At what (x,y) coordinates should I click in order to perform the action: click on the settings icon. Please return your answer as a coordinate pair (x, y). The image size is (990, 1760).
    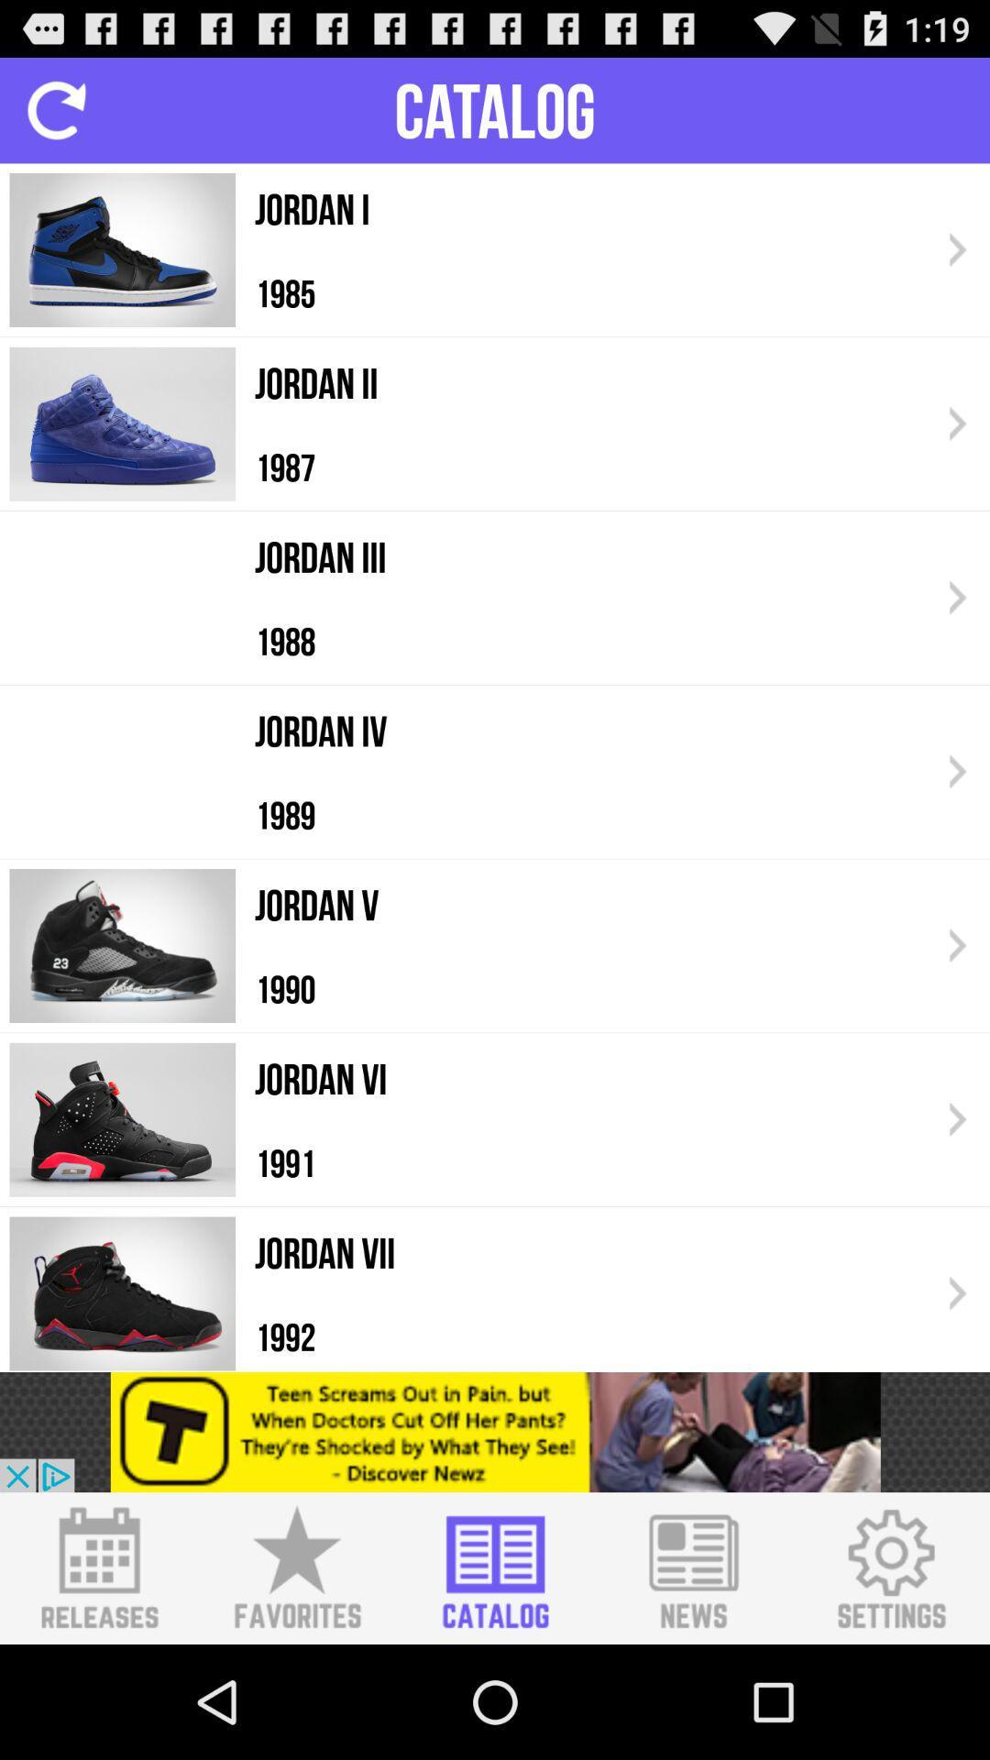
    Looking at the image, I should click on (890, 1678).